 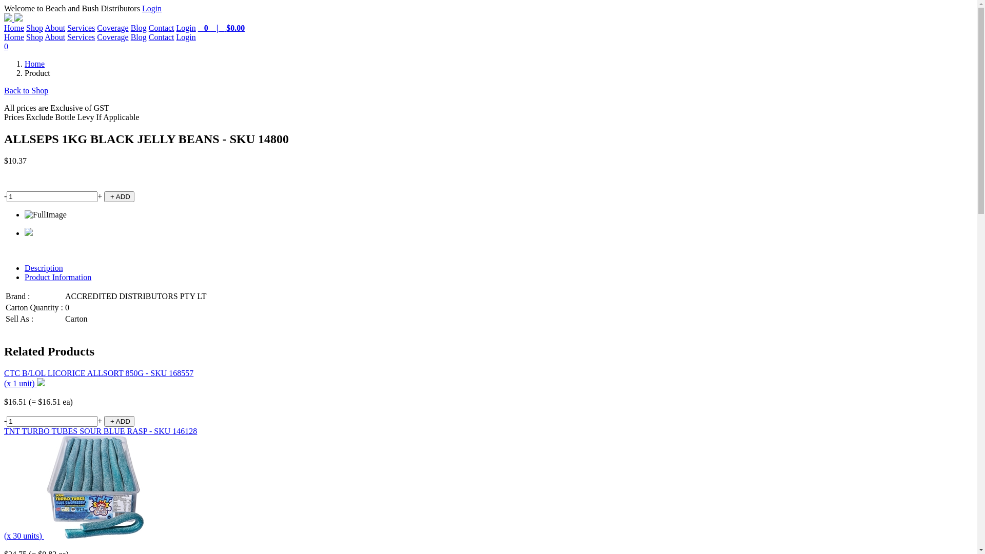 I want to click on 'Home', so click(x=14, y=27).